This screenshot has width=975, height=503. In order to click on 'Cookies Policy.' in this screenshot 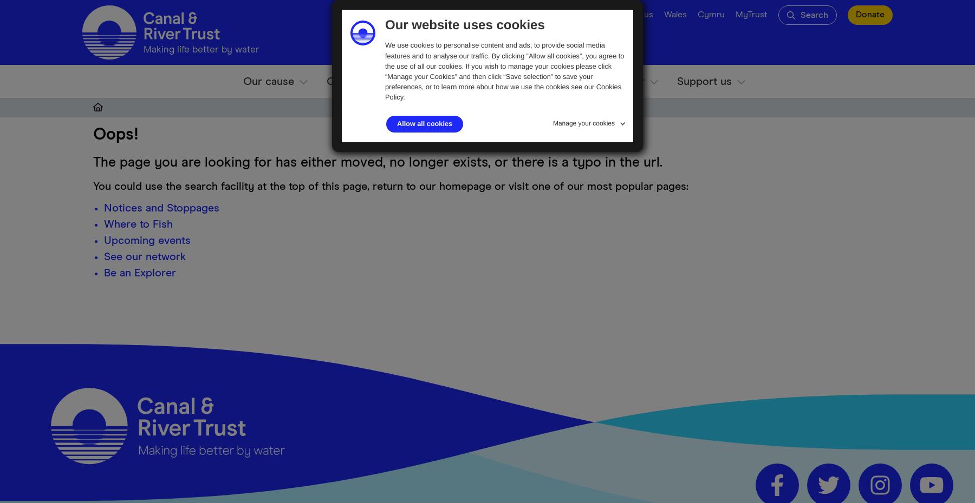, I will do `click(502, 91)`.